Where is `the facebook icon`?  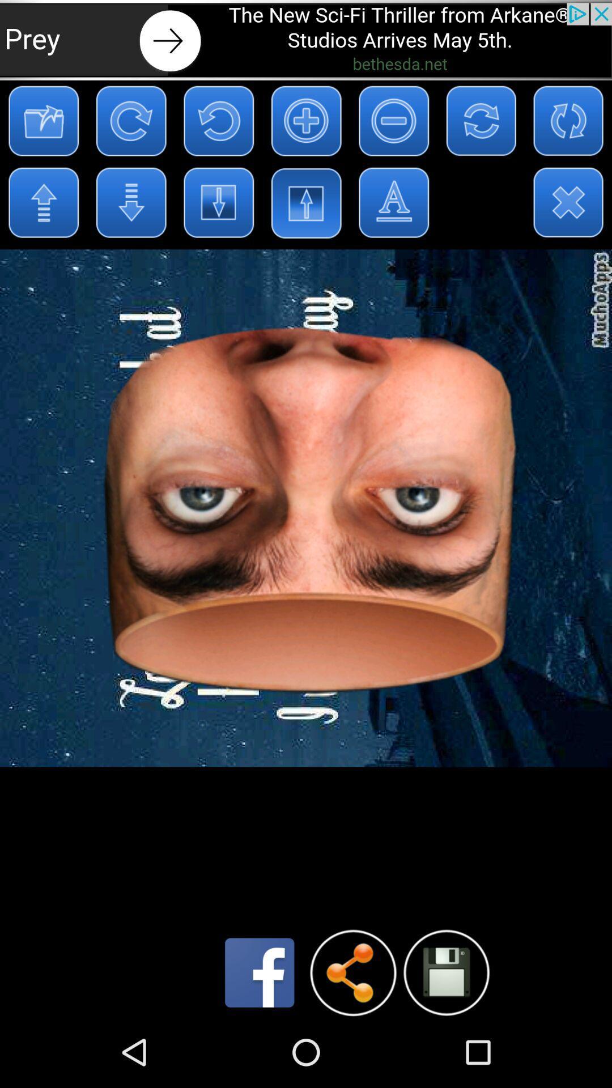
the facebook icon is located at coordinates (260, 1041).